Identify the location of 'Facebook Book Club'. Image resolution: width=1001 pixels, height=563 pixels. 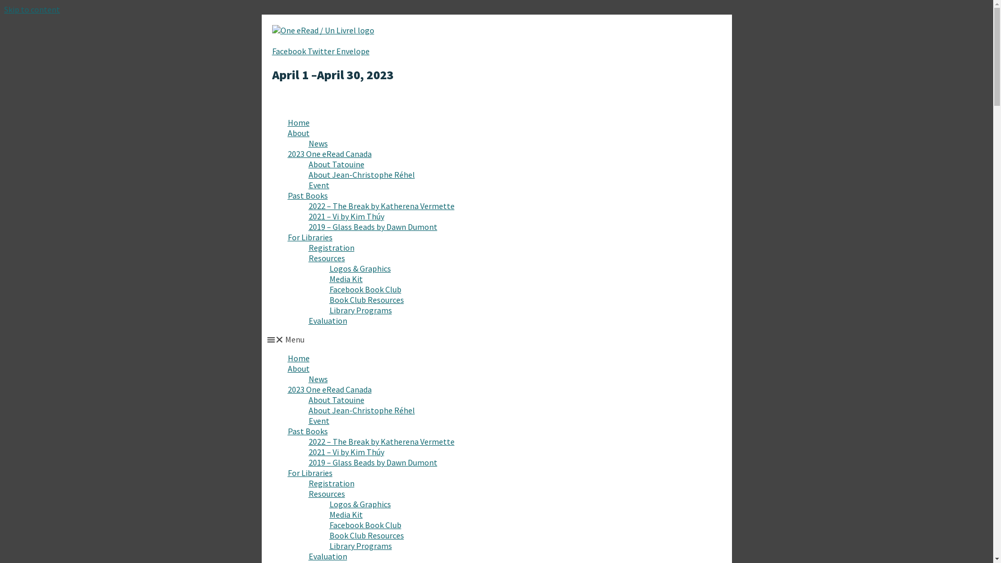
(365, 289).